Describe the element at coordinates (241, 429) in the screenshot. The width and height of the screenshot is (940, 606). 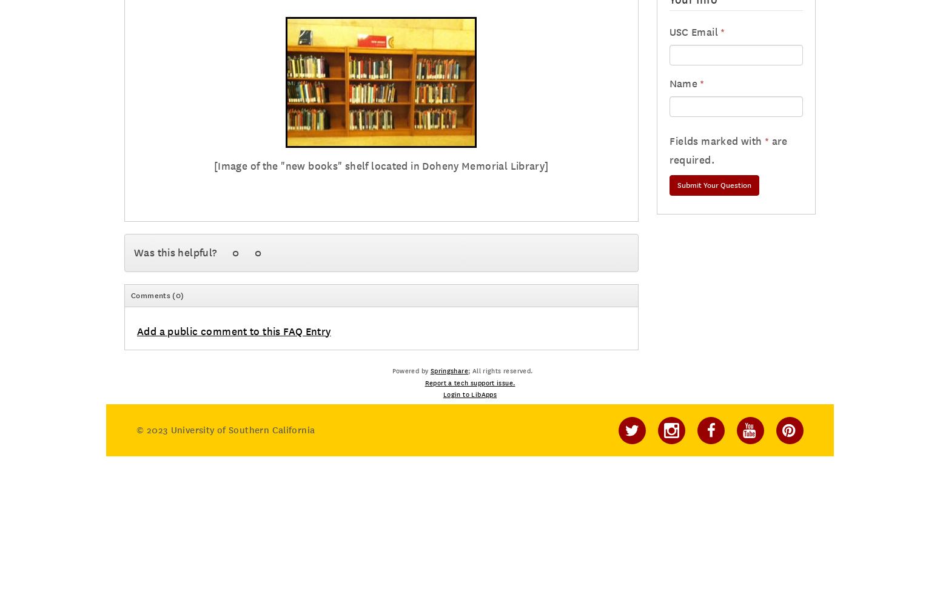
I see `'University of Southern California'` at that location.